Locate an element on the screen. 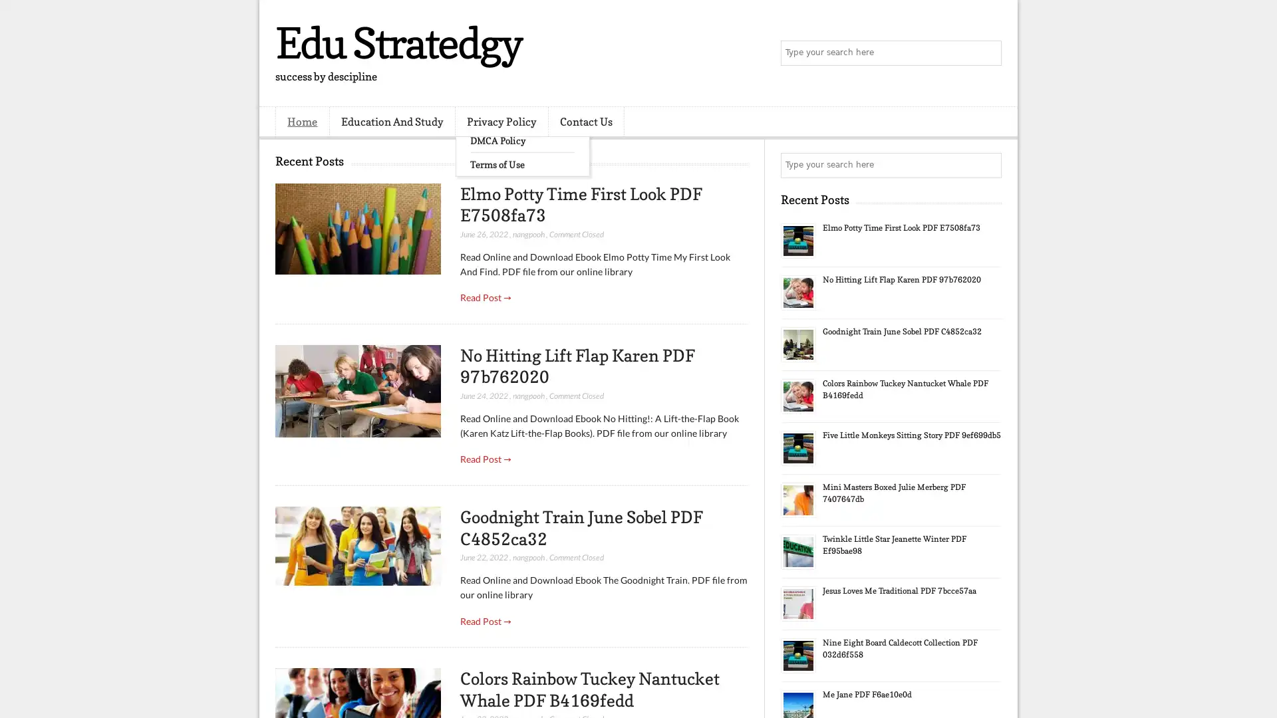 The height and width of the screenshot is (718, 1277). Search is located at coordinates (988, 165).